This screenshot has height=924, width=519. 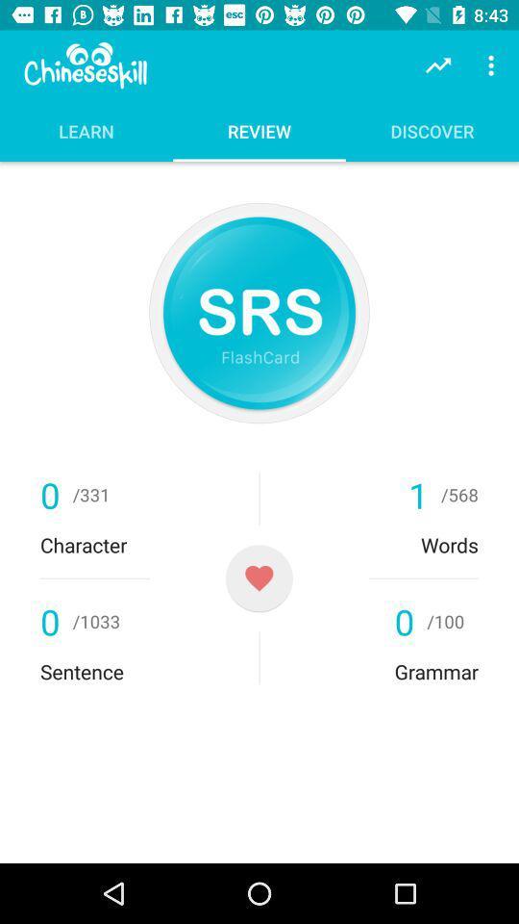 What do you see at coordinates (259, 577) in the screenshot?
I see `the favorite icon` at bounding box center [259, 577].